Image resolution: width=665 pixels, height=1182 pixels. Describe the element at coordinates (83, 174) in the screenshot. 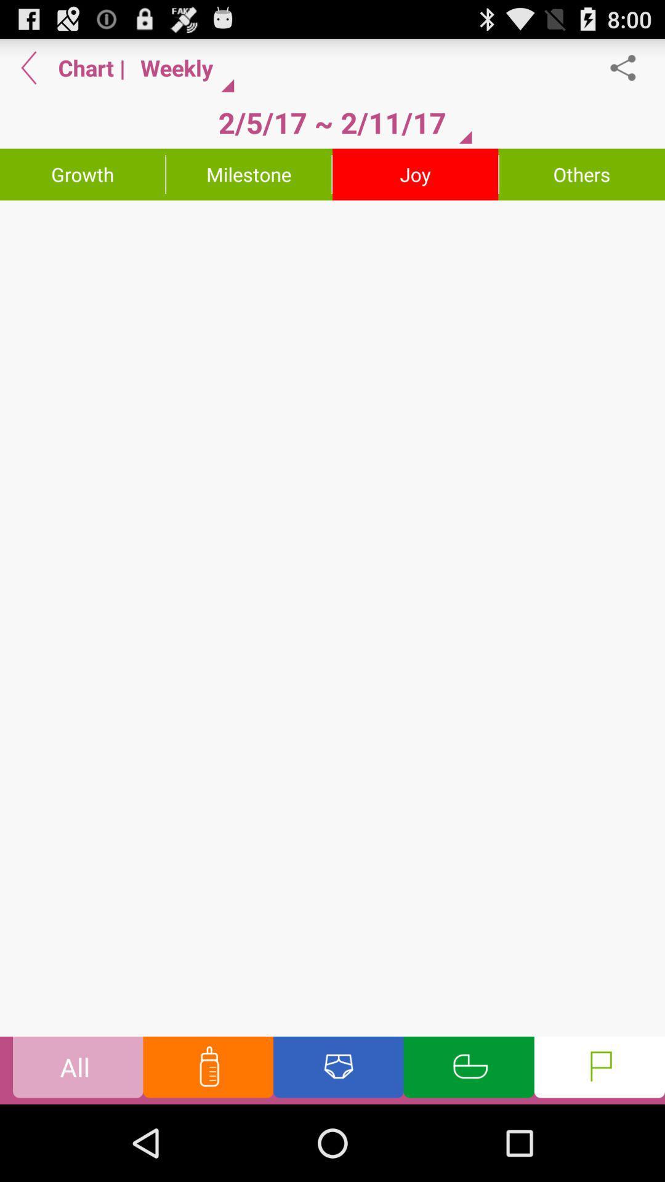

I see `the growth button` at that location.